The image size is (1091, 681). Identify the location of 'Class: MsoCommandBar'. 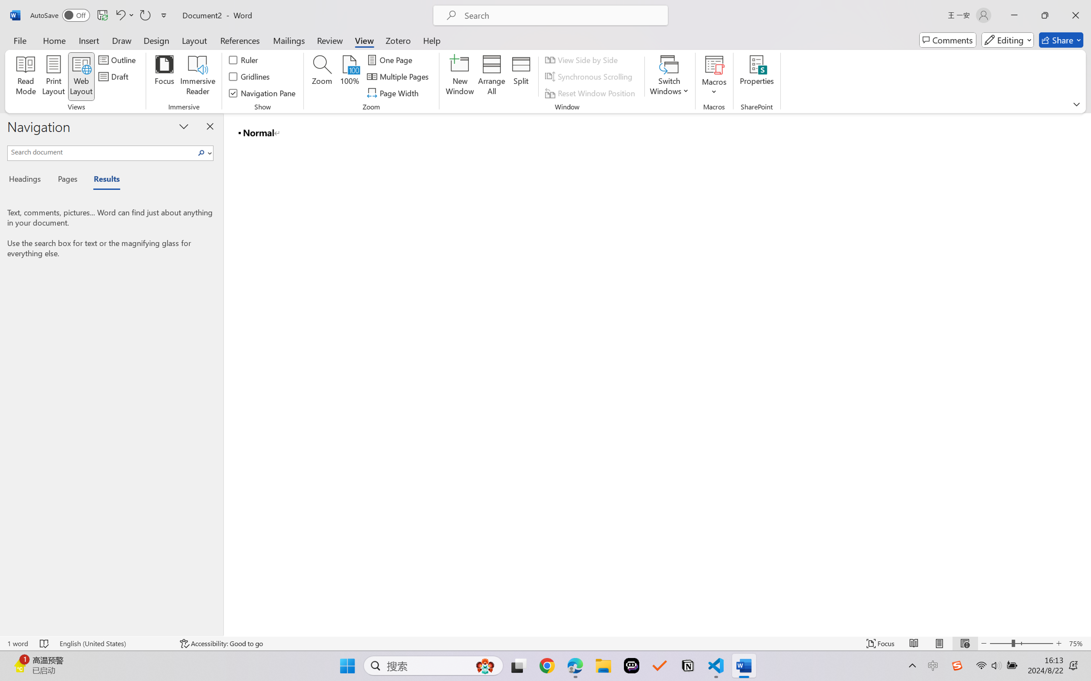
(545, 643).